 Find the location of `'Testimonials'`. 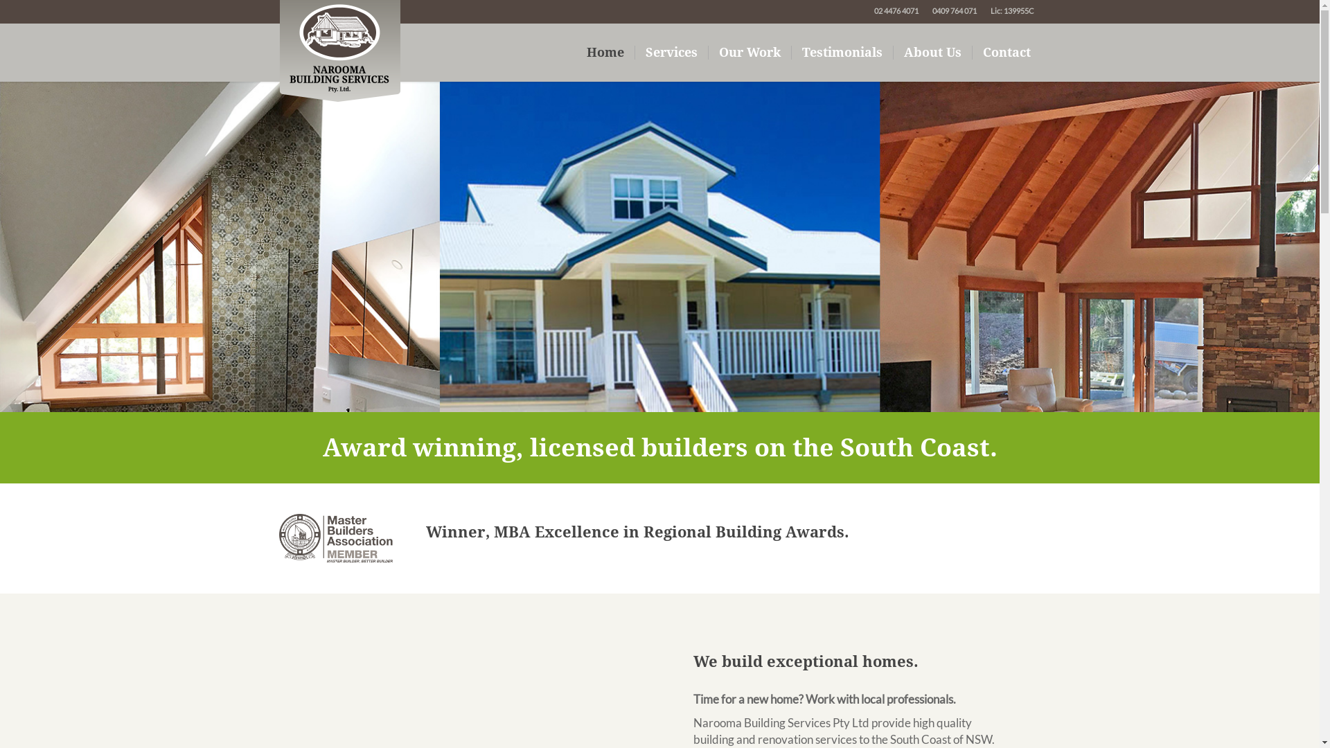

'Testimonials' is located at coordinates (791, 52).